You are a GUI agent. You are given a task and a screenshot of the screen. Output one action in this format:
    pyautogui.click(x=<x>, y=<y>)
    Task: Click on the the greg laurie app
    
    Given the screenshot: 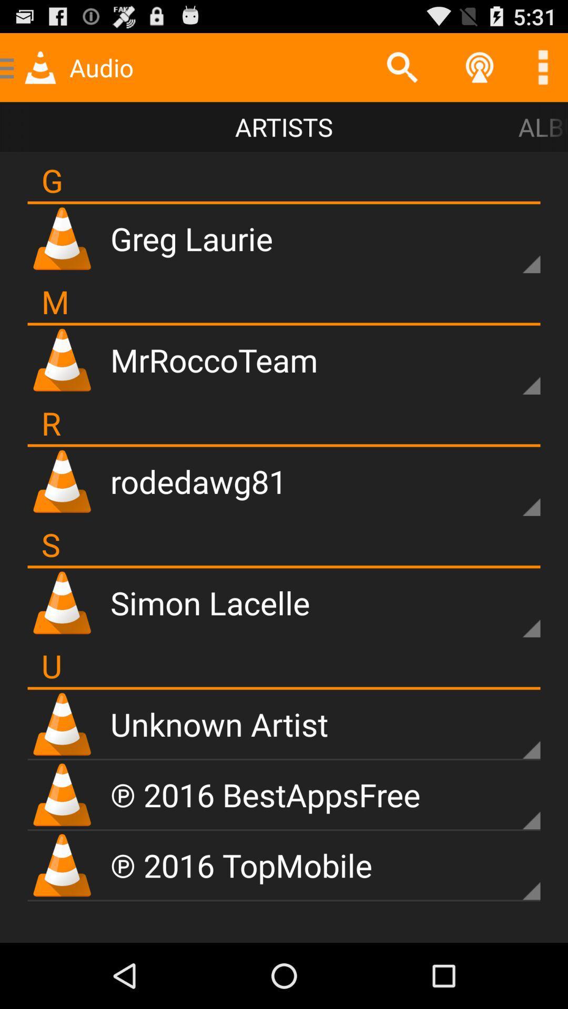 What is the action you would take?
    pyautogui.click(x=191, y=238)
    